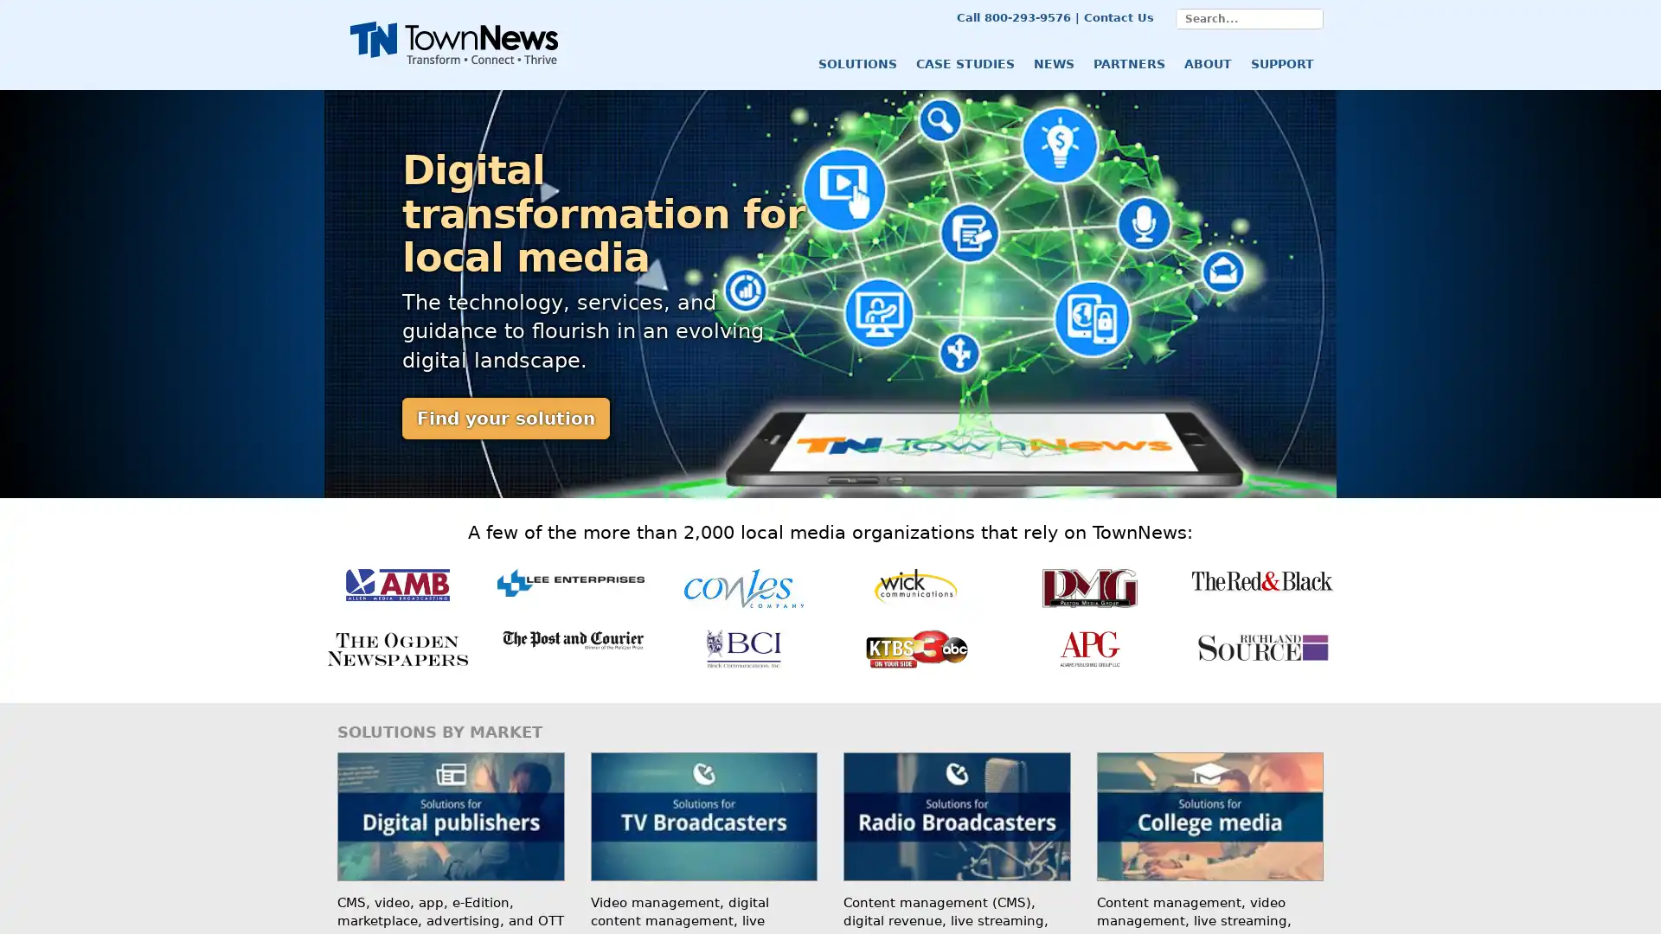 The width and height of the screenshot is (1661, 934). I want to click on Find your solution, so click(505, 418).